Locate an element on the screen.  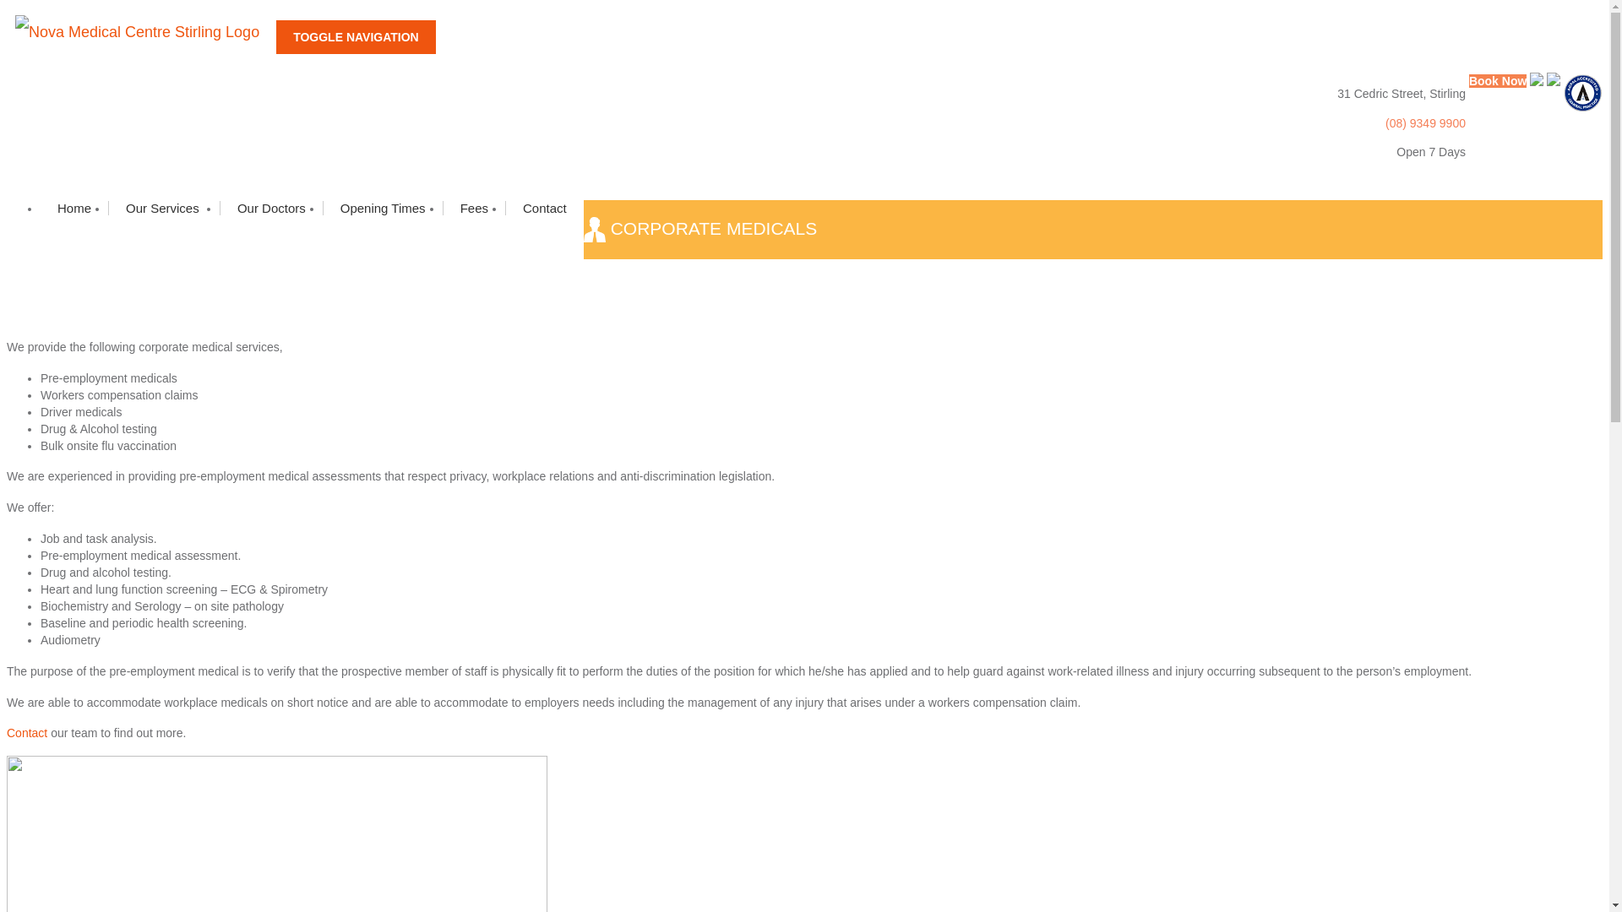
'Contact' is located at coordinates (504, 207).